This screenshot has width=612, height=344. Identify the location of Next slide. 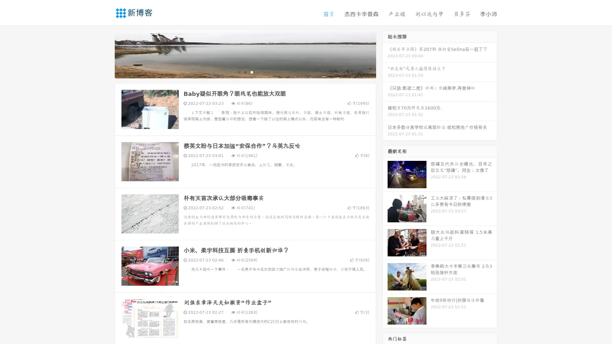
(385, 54).